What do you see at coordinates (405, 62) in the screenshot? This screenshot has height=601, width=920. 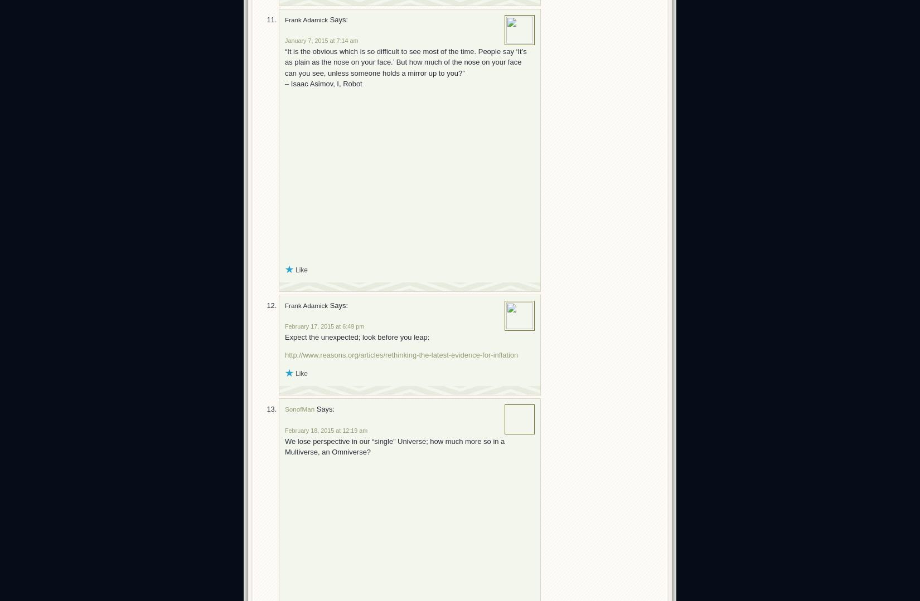 I see `'“It is the obvious which is so difficult to see most of the time. People say ‘It’s as plain as the nose on your face.’ But how much of the nose on your face can you see, unless someone holds a mirror up to you?”'` at bounding box center [405, 62].